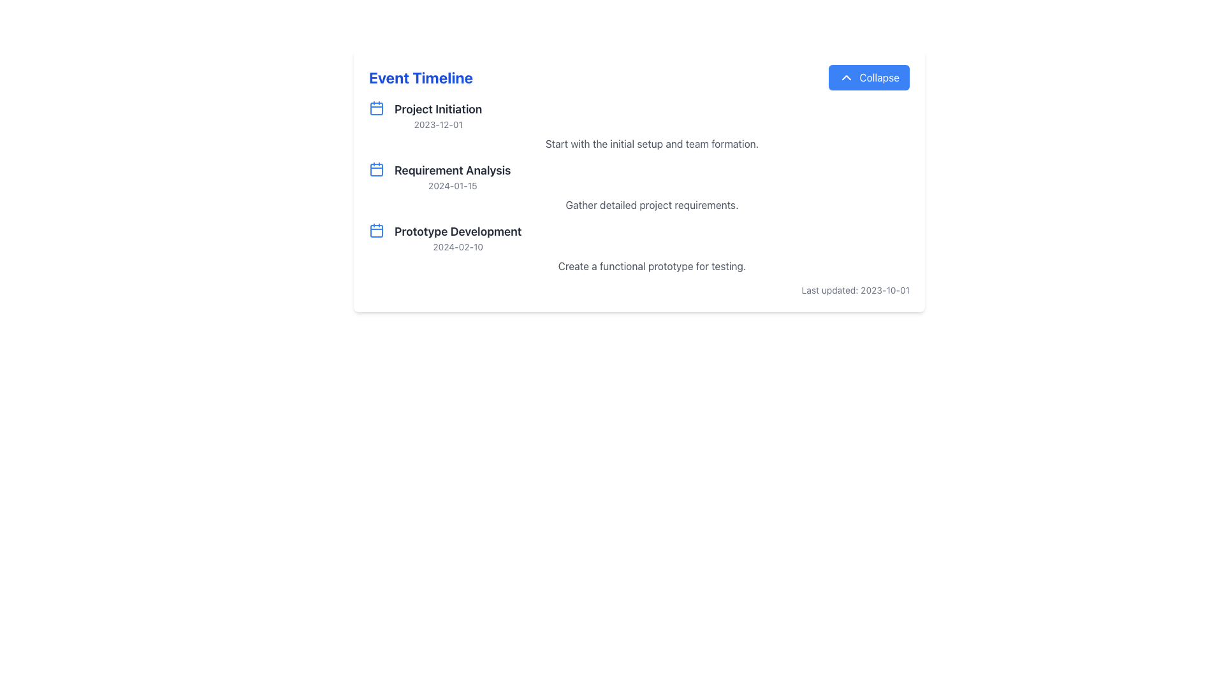 This screenshot has width=1224, height=688. What do you see at coordinates (639, 143) in the screenshot?
I see `text label that says 'Start with the initial setup and team formation.' which is located below the 'Project Initiation' section header` at bounding box center [639, 143].